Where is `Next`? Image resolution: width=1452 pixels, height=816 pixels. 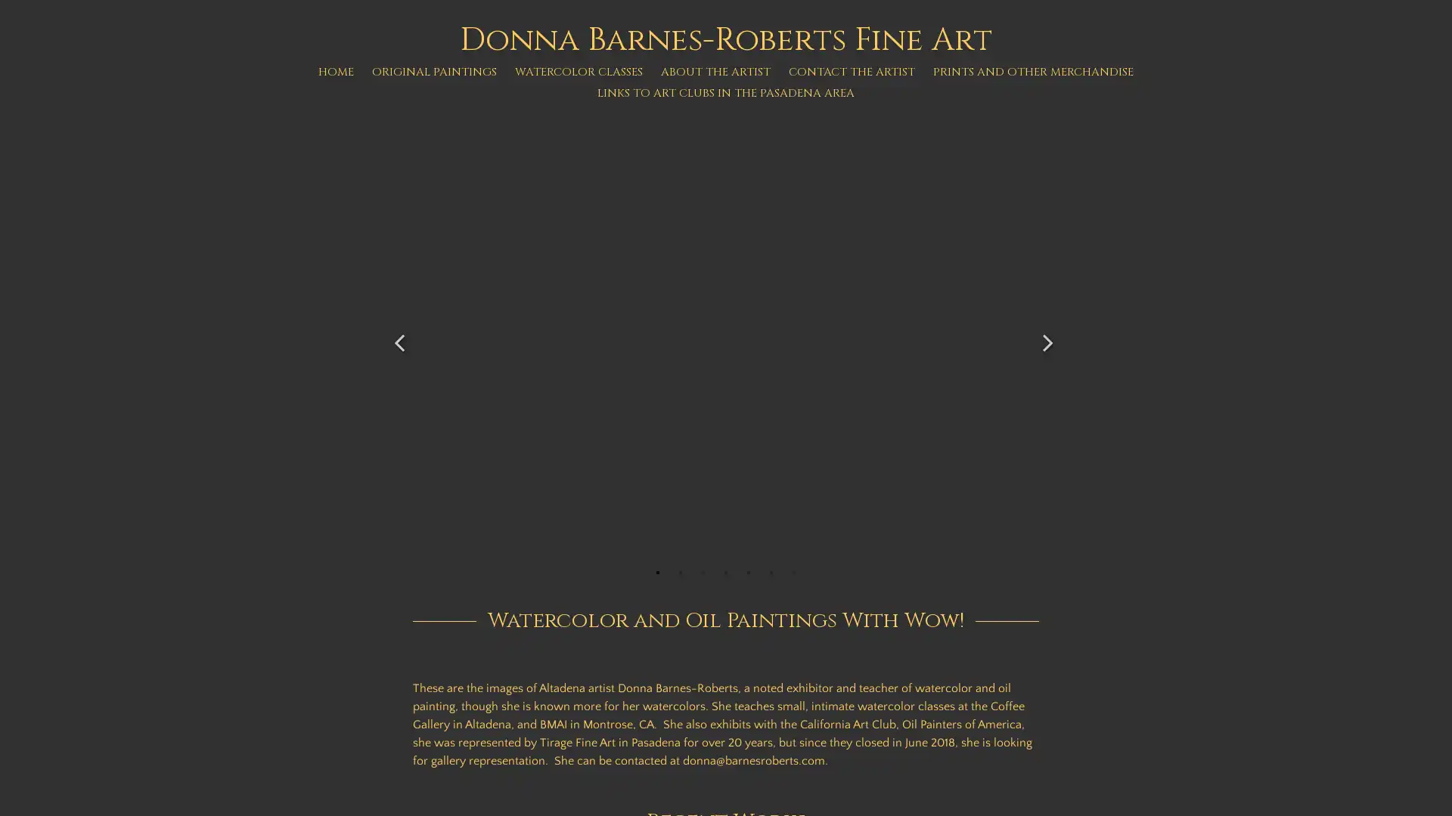 Next is located at coordinates (1048, 334).